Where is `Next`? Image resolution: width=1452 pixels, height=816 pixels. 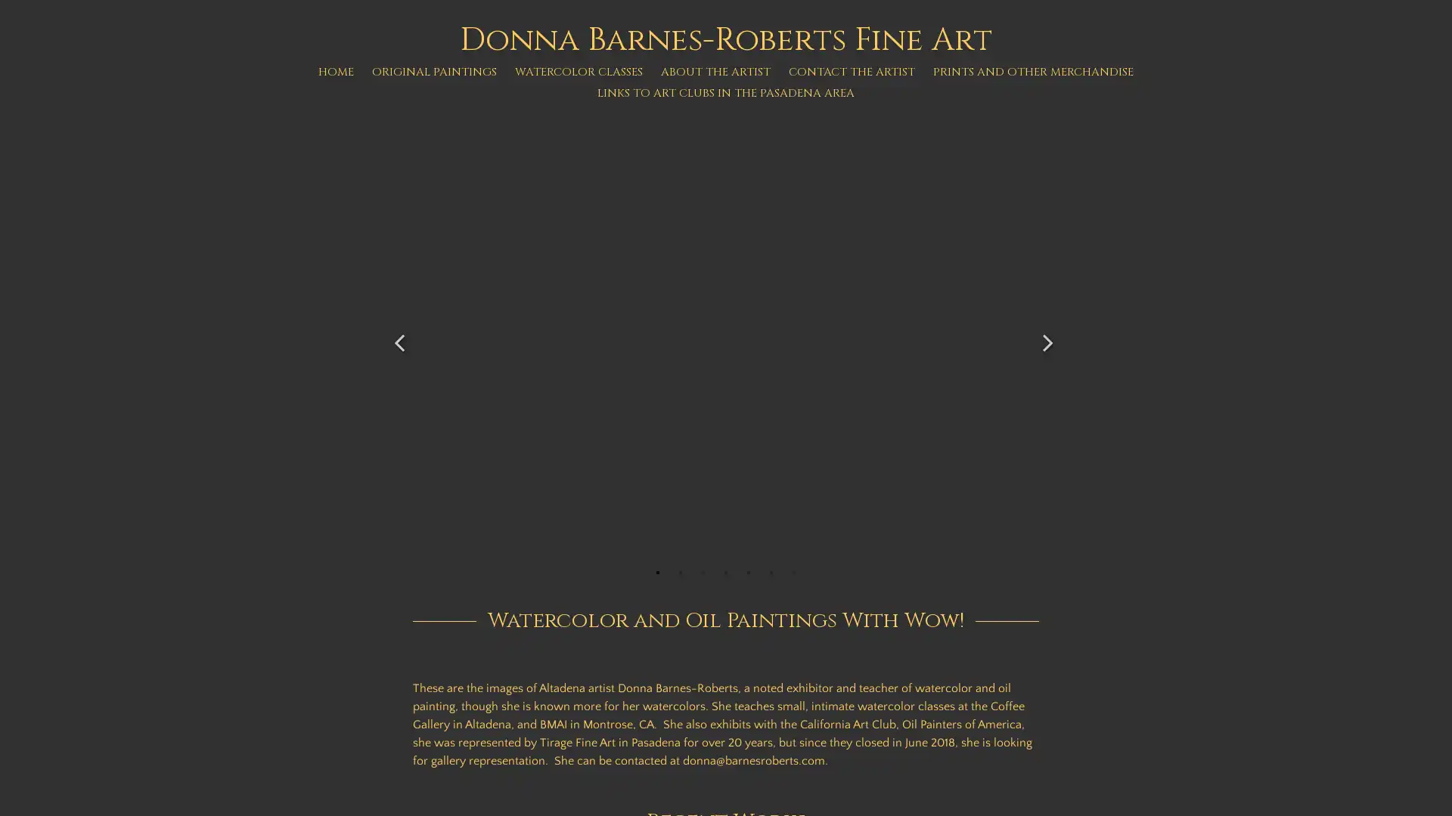 Next is located at coordinates (1048, 334).